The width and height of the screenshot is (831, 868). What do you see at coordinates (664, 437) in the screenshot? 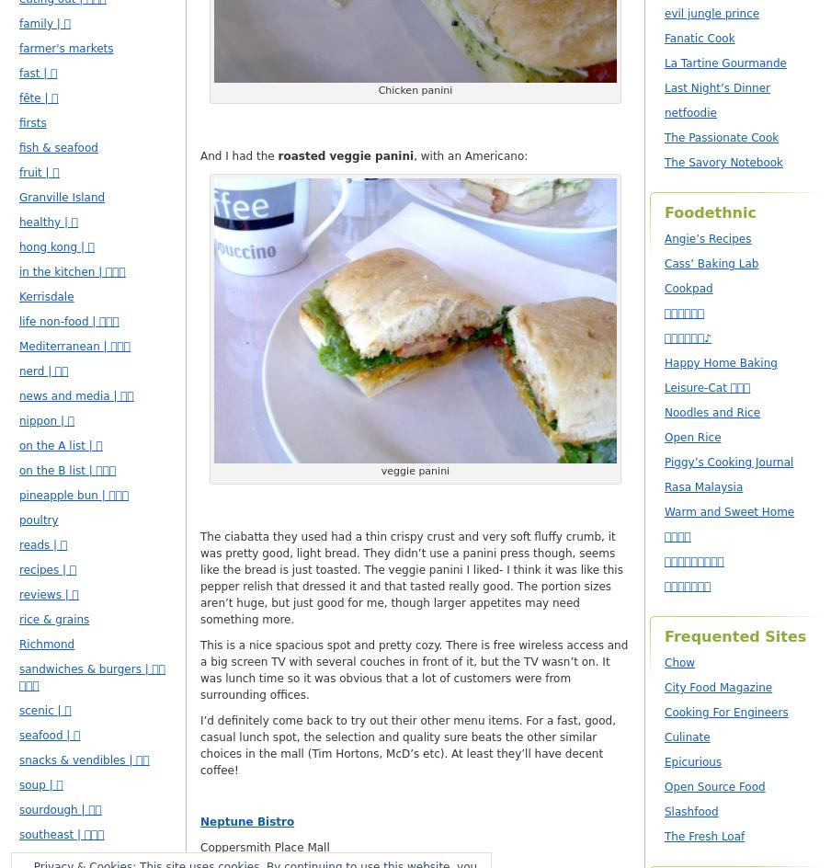
I see `'Open Rice'` at bounding box center [664, 437].